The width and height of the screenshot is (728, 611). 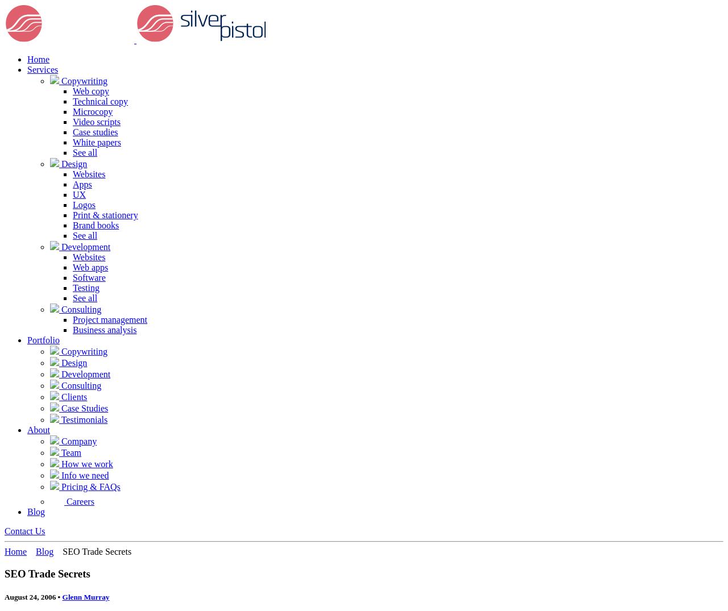 I want to click on 'Team', so click(x=69, y=452).